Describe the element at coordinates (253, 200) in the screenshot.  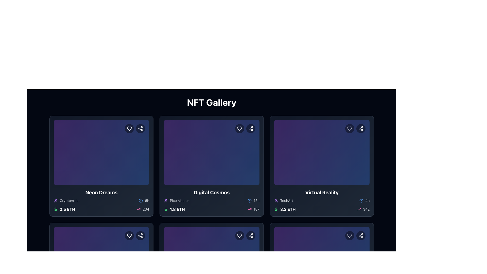
I see `the time indicator element, which consists of a blue clock icon followed by the text '12h', located in the lower right section of the 'Digital Cosmos' card` at that location.